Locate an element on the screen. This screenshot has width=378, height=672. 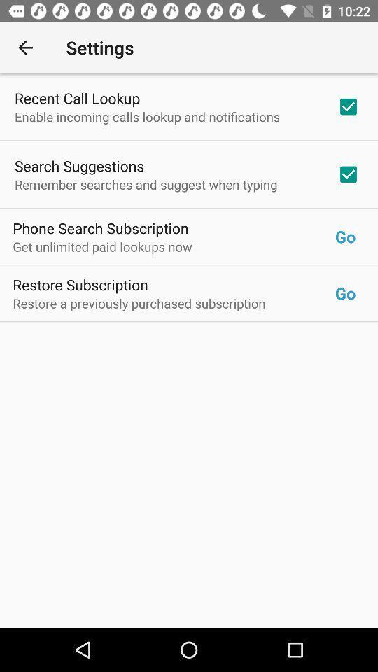
the item below the restore subscription is located at coordinates (174, 303).